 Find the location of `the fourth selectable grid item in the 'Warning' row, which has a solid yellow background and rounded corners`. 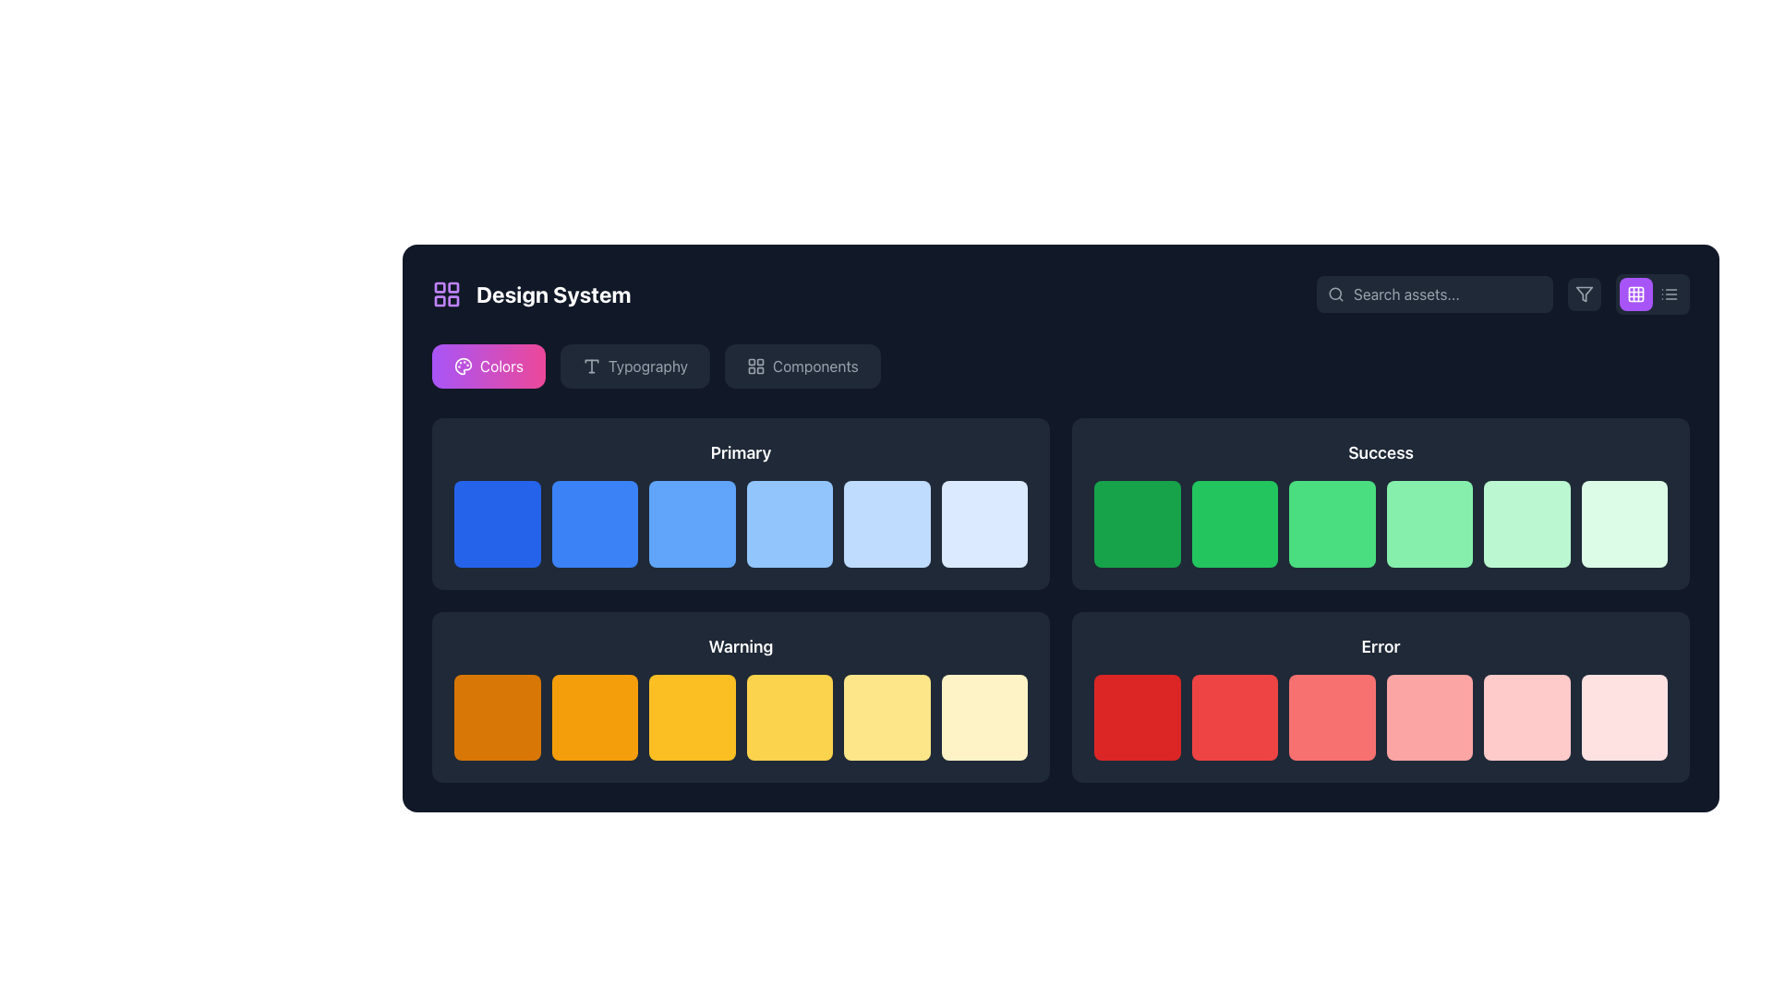

the fourth selectable grid item in the 'Warning' row, which has a solid yellow background and rounded corners is located at coordinates (790, 716).